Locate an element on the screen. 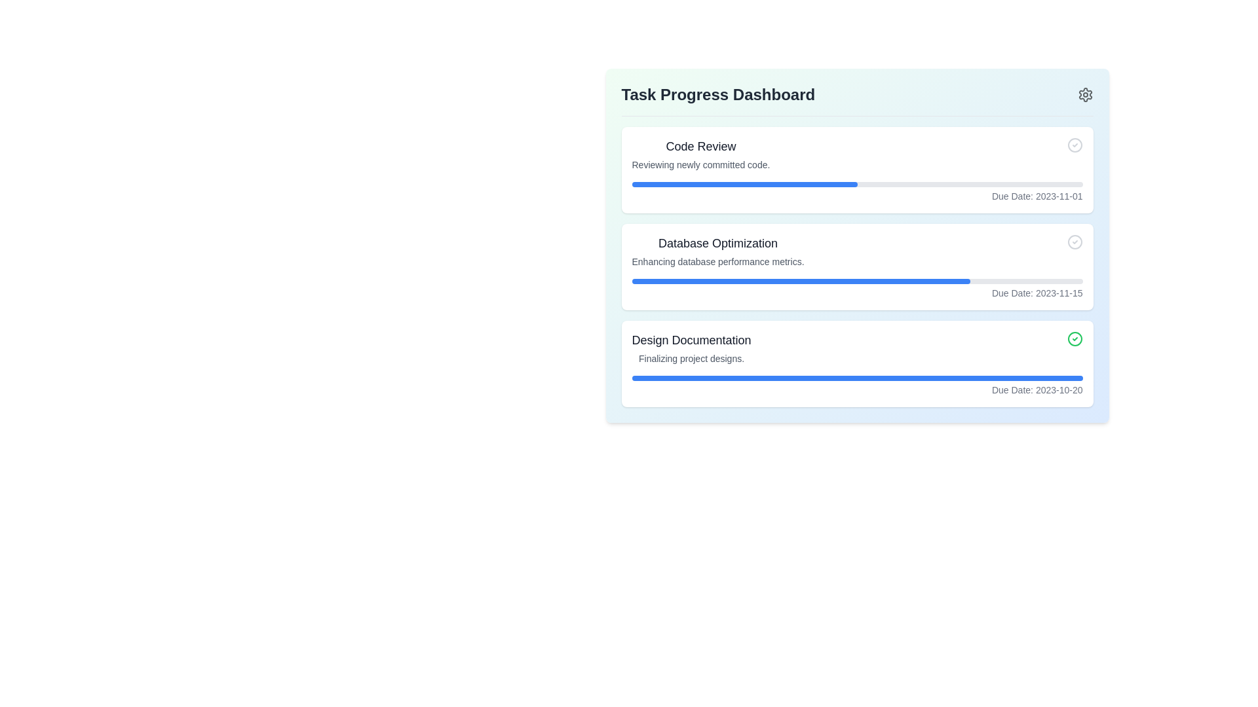 The image size is (1258, 707). the Label Text that represents the task 'Database Optimization' in the progress dashboard for identification is located at coordinates (717, 243).